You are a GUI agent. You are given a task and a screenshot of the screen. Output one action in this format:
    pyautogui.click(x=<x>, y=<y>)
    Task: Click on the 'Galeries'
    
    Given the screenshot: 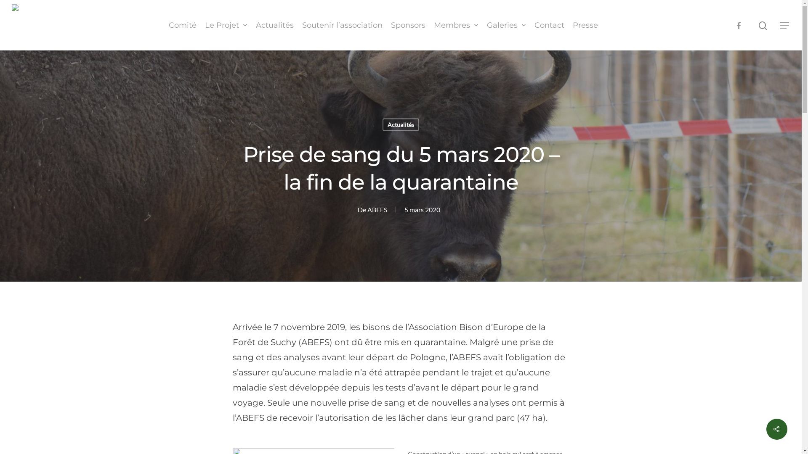 What is the action you would take?
    pyautogui.click(x=505, y=25)
    